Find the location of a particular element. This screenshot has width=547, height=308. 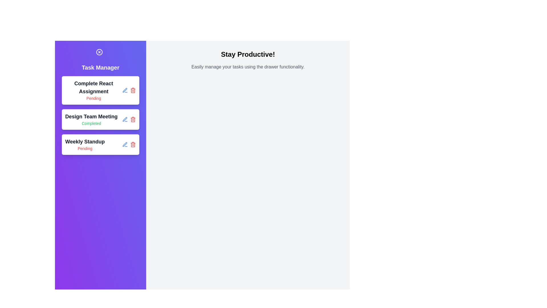

the delete button for the task Complete React Assignment is located at coordinates (132, 90).